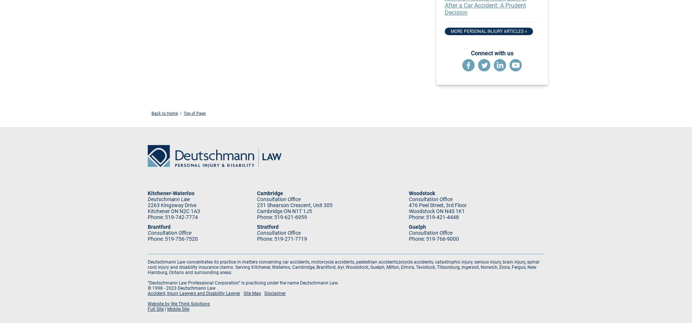  What do you see at coordinates (446, 216) in the screenshot?
I see `'-421-4448'` at bounding box center [446, 216].